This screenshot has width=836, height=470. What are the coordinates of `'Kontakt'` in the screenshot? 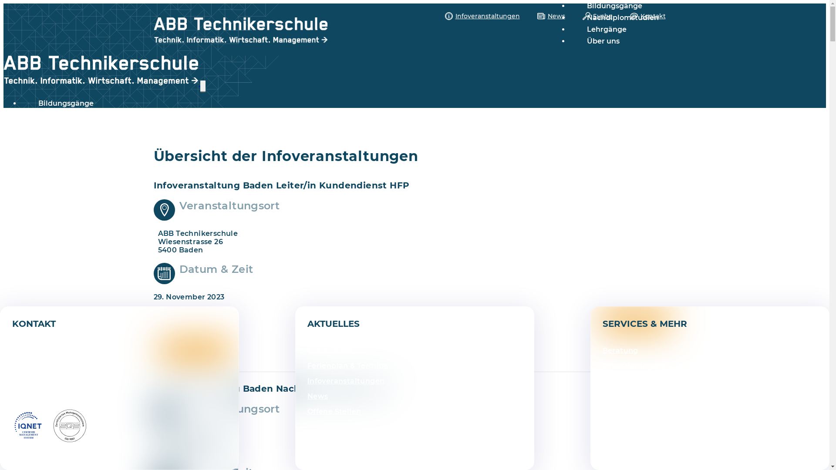 It's located at (629, 16).